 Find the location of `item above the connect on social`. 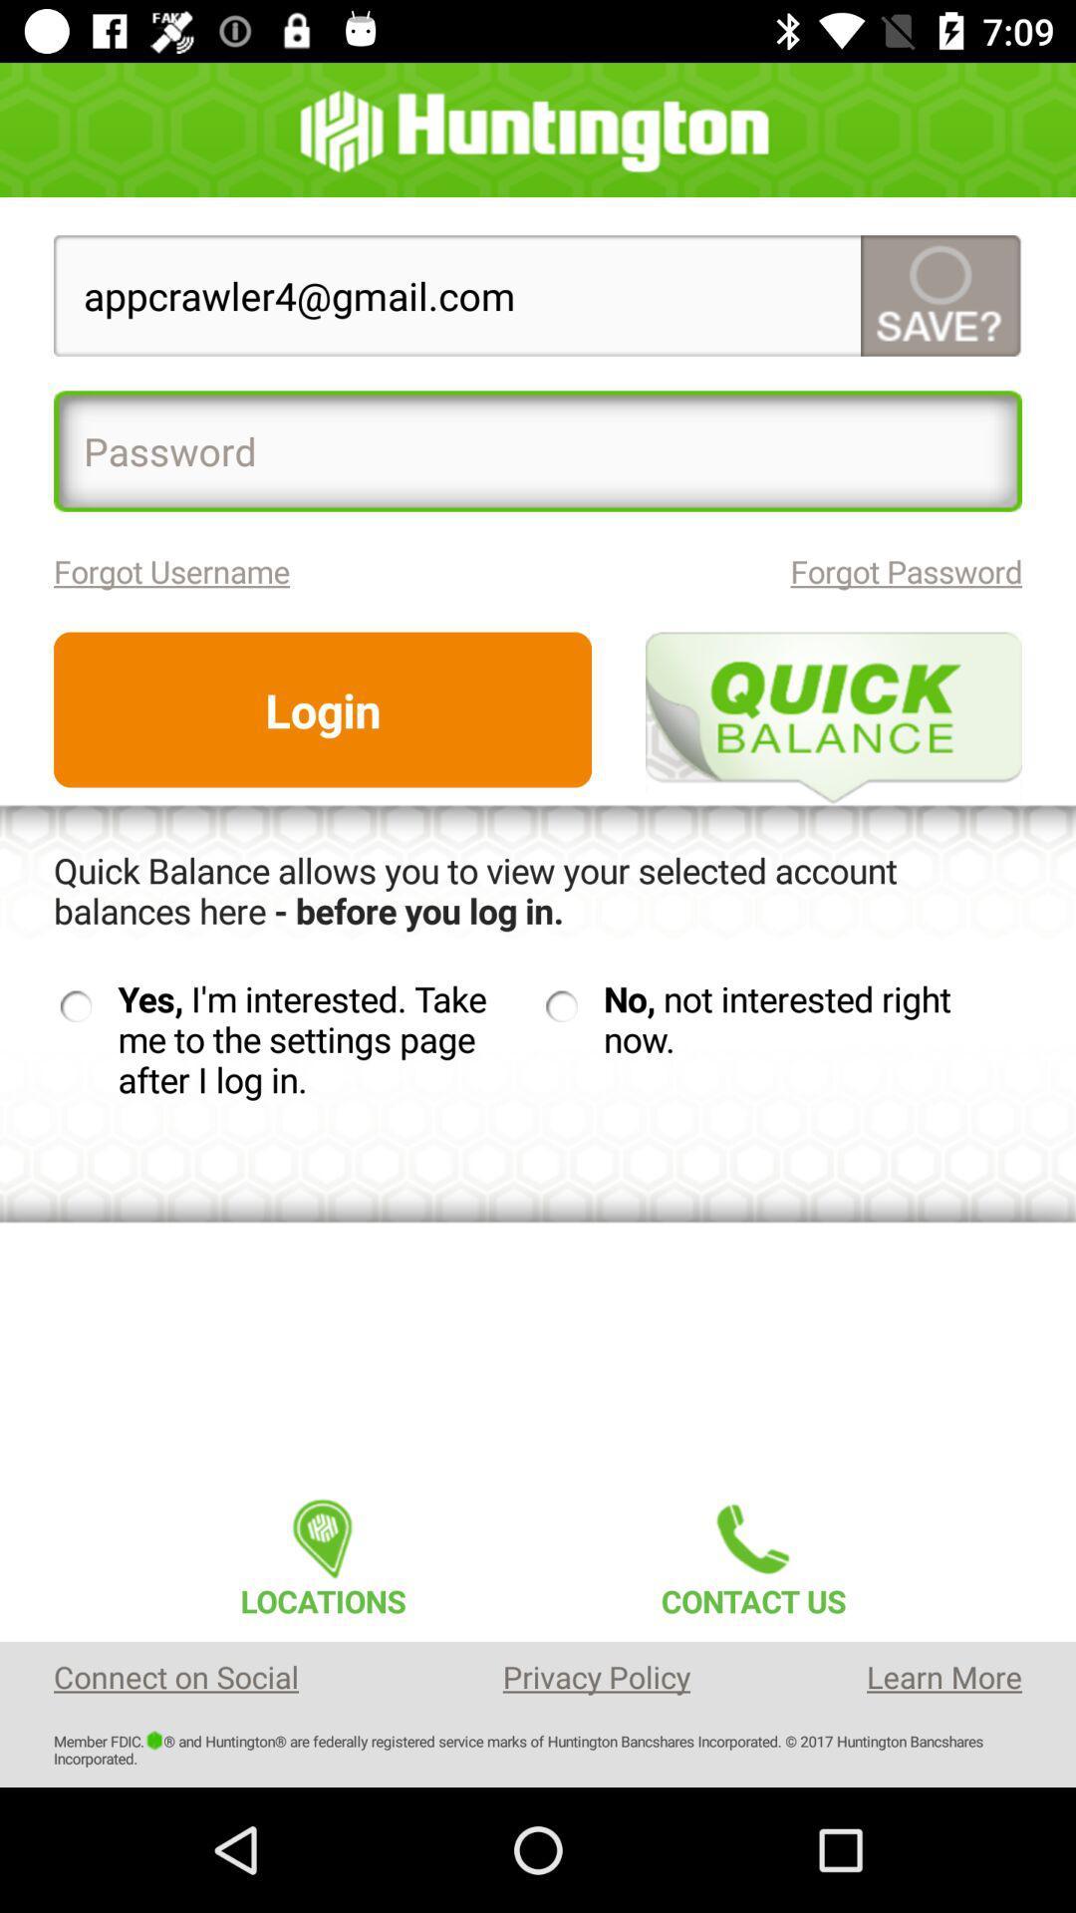

item above the connect on social is located at coordinates (322, 1551).